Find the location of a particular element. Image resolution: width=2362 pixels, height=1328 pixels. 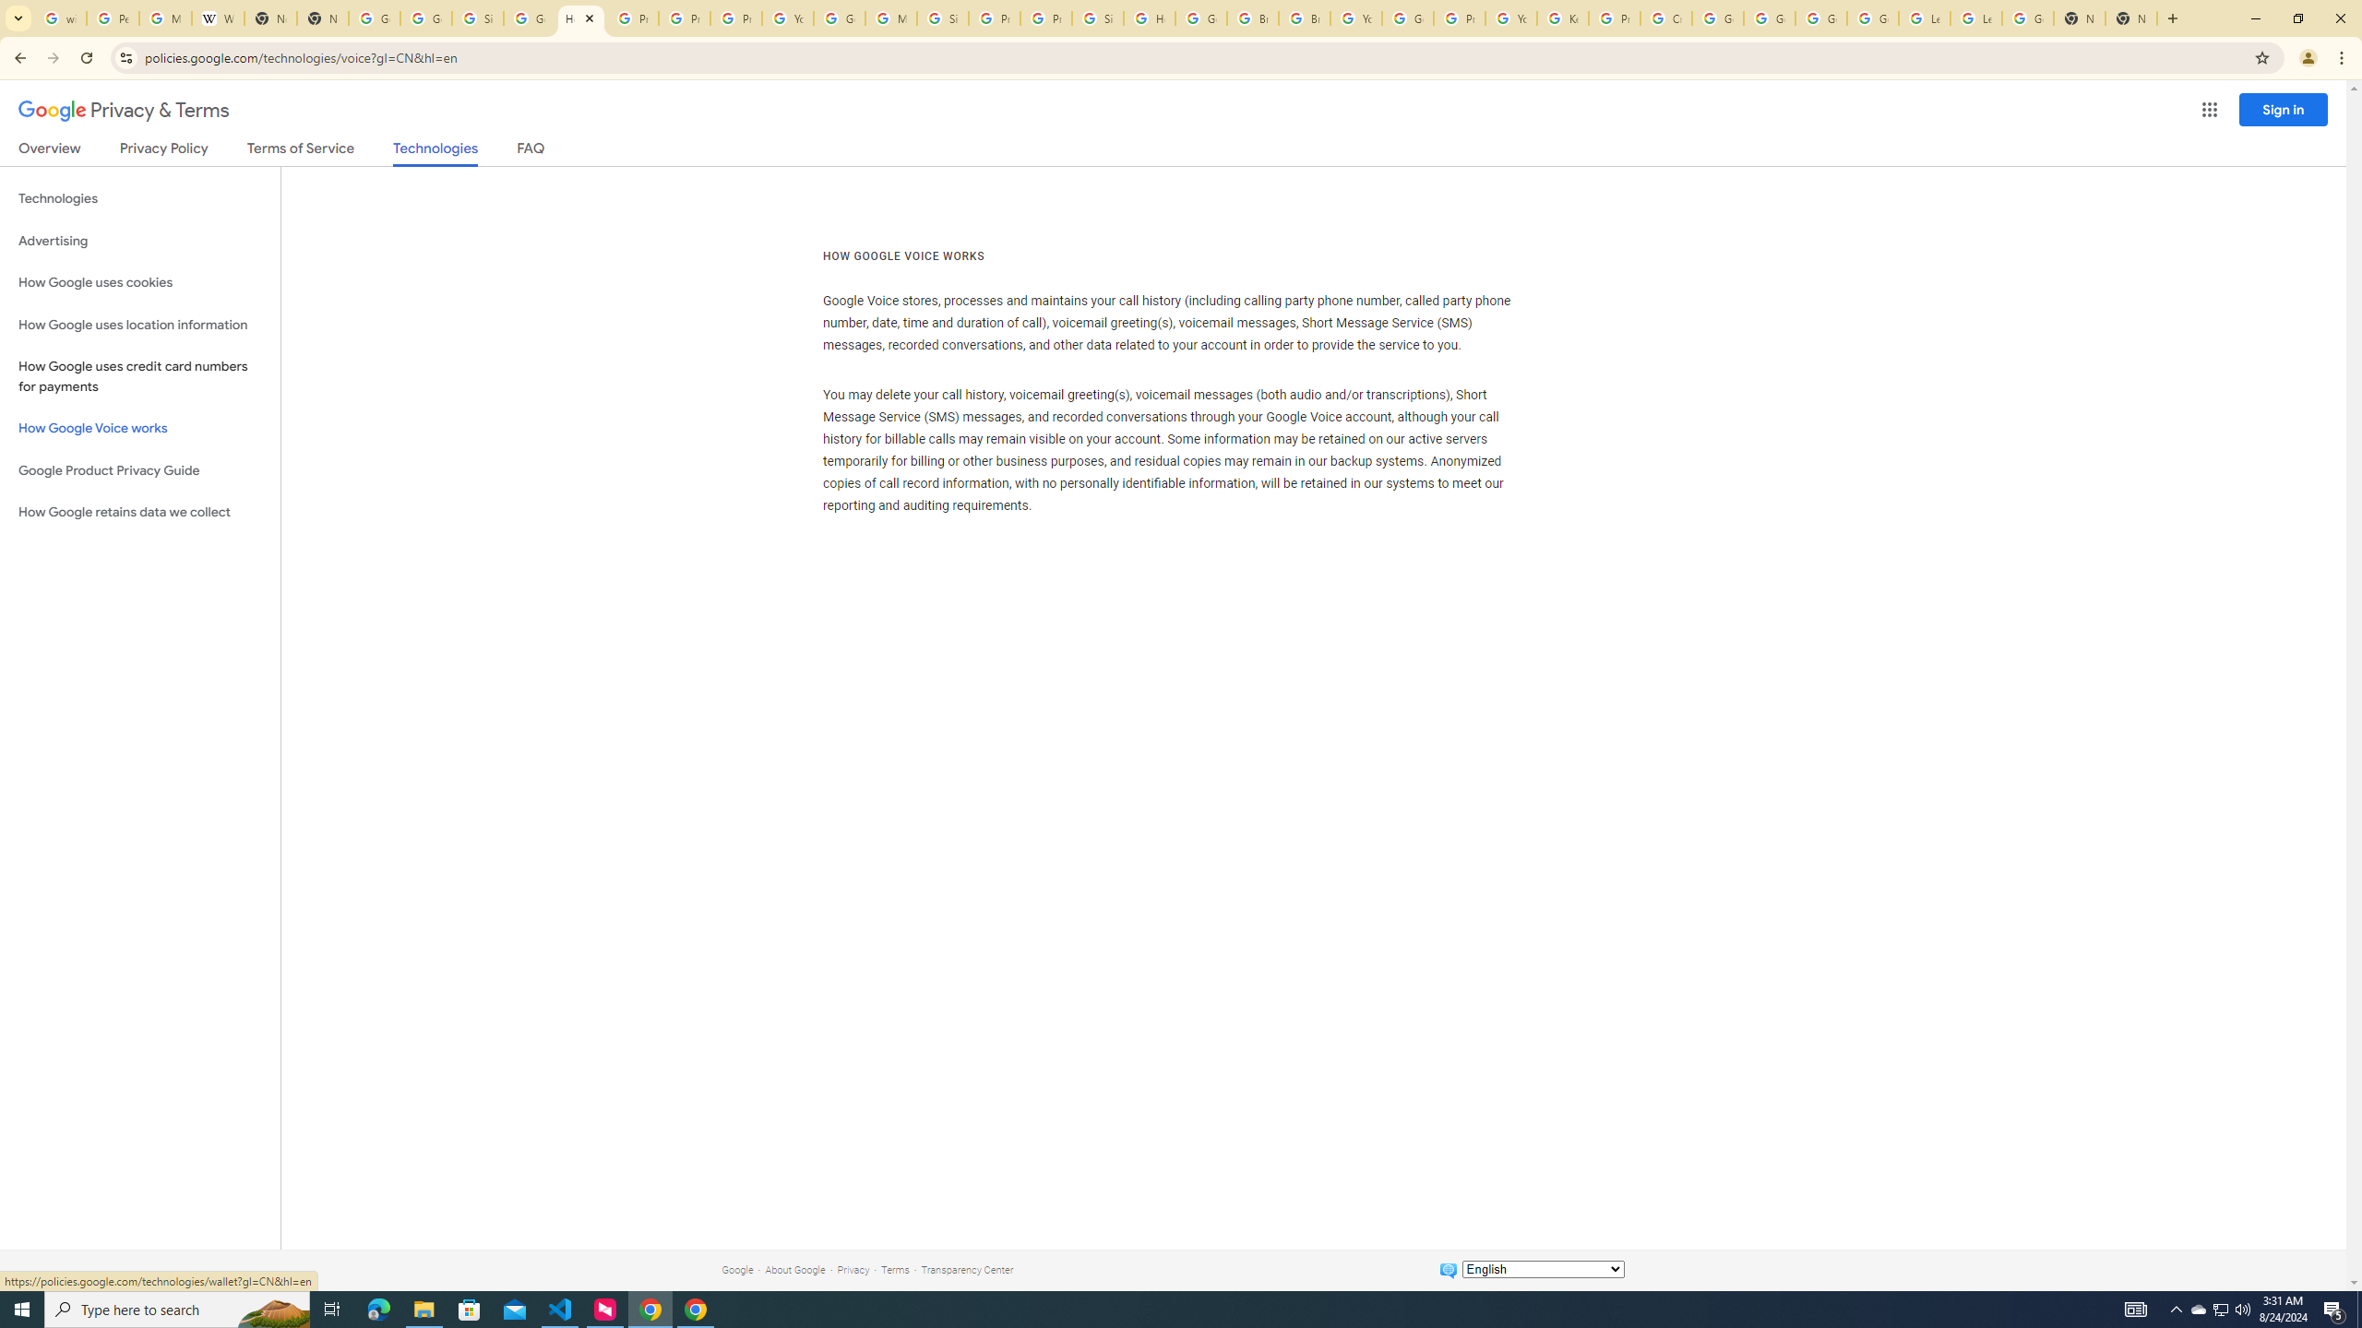

'How Google uses credit card numbers for payments' is located at coordinates (139, 375).